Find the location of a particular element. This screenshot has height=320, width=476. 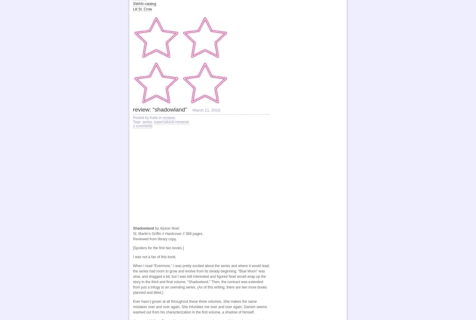

'by' is located at coordinates (156, 228).